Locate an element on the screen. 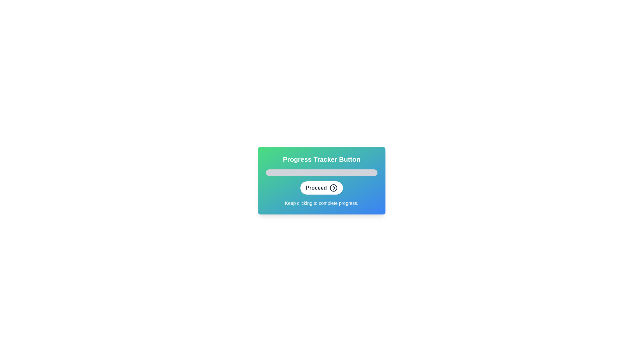 The image size is (638, 358). the text label displaying 'Progress Tracker Button' which is prominently positioned in a bold white font on a gradient background is located at coordinates (322, 159).